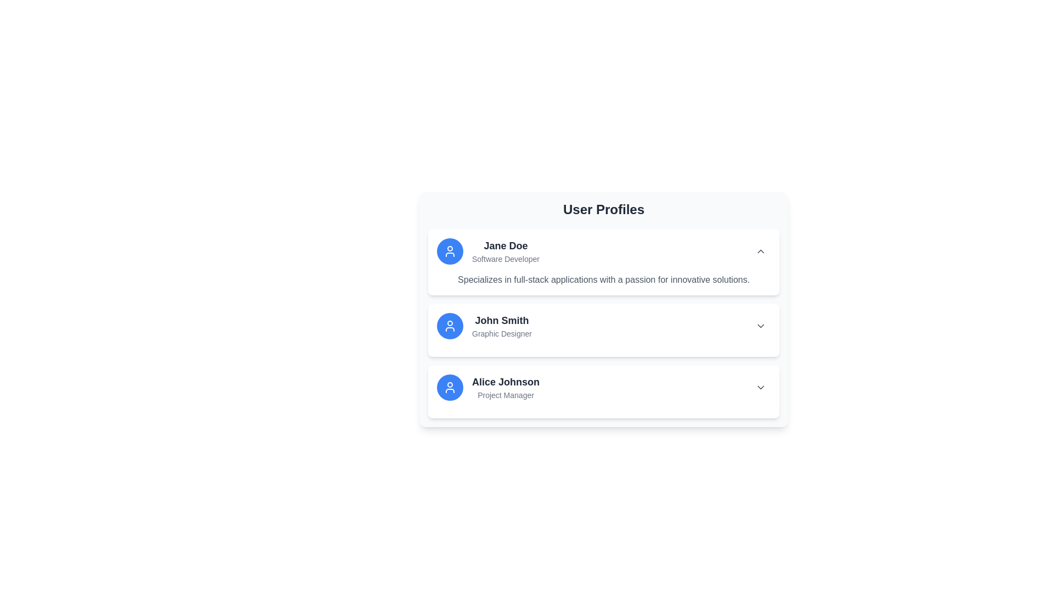 Image resolution: width=1054 pixels, height=593 pixels. Describe the element at coordinates (505, 387) in the screenshot. I see `the text label displaying 'Alice Johnson - Project Manager'` at that location.